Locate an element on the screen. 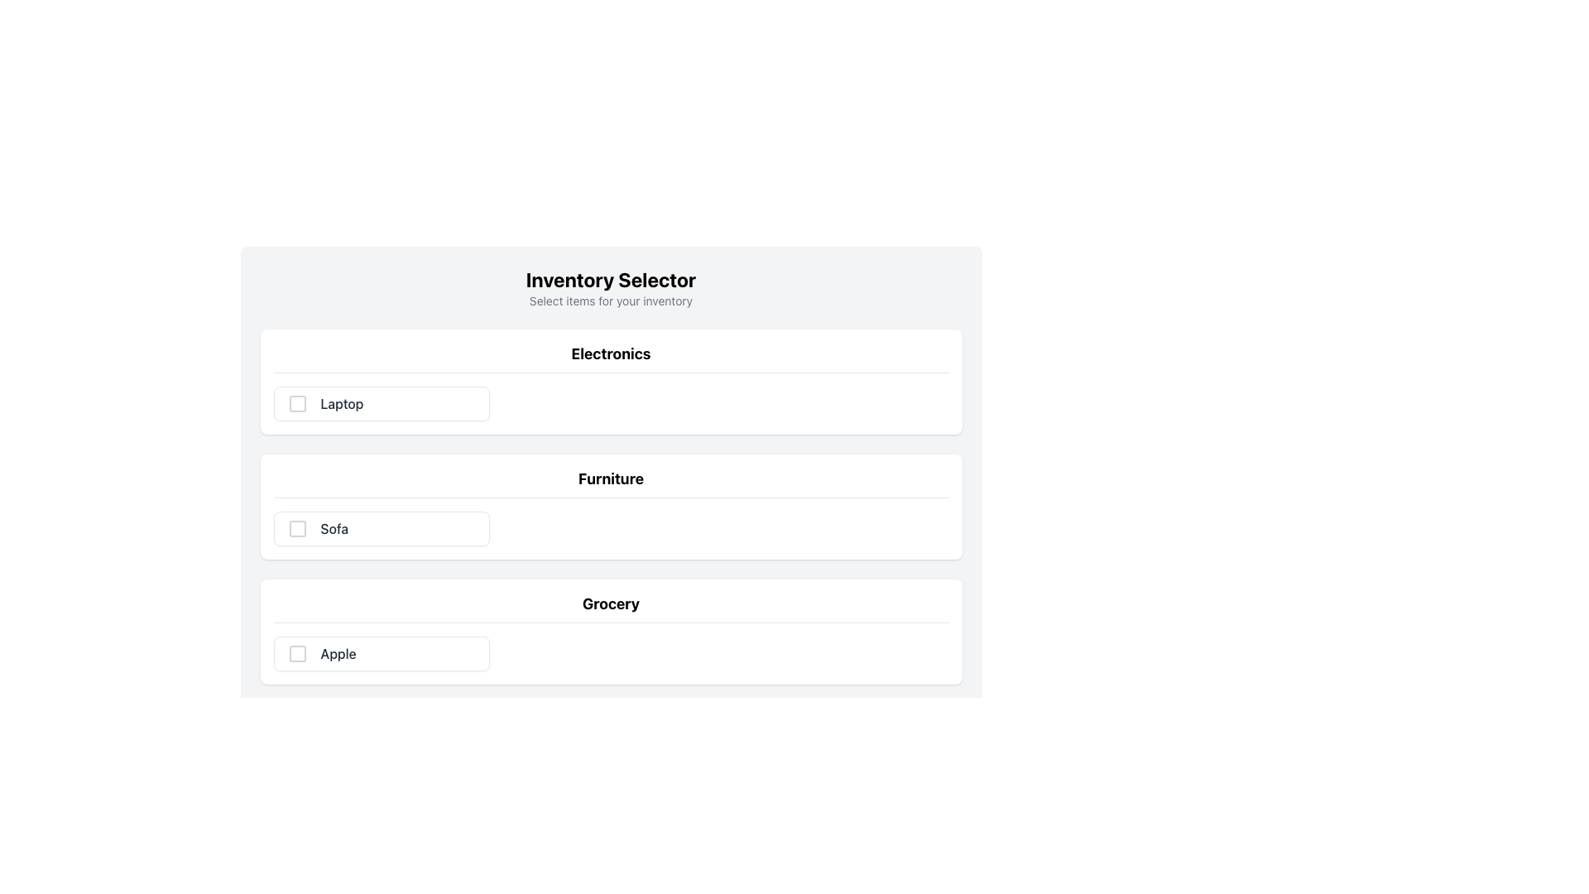 The height and width of the screenshot is (894, 1589). the bold text label displaying the word 'Sofa' within the interactive box, which is part of the 'Furniture' category group is located at coordinates (334, 529).